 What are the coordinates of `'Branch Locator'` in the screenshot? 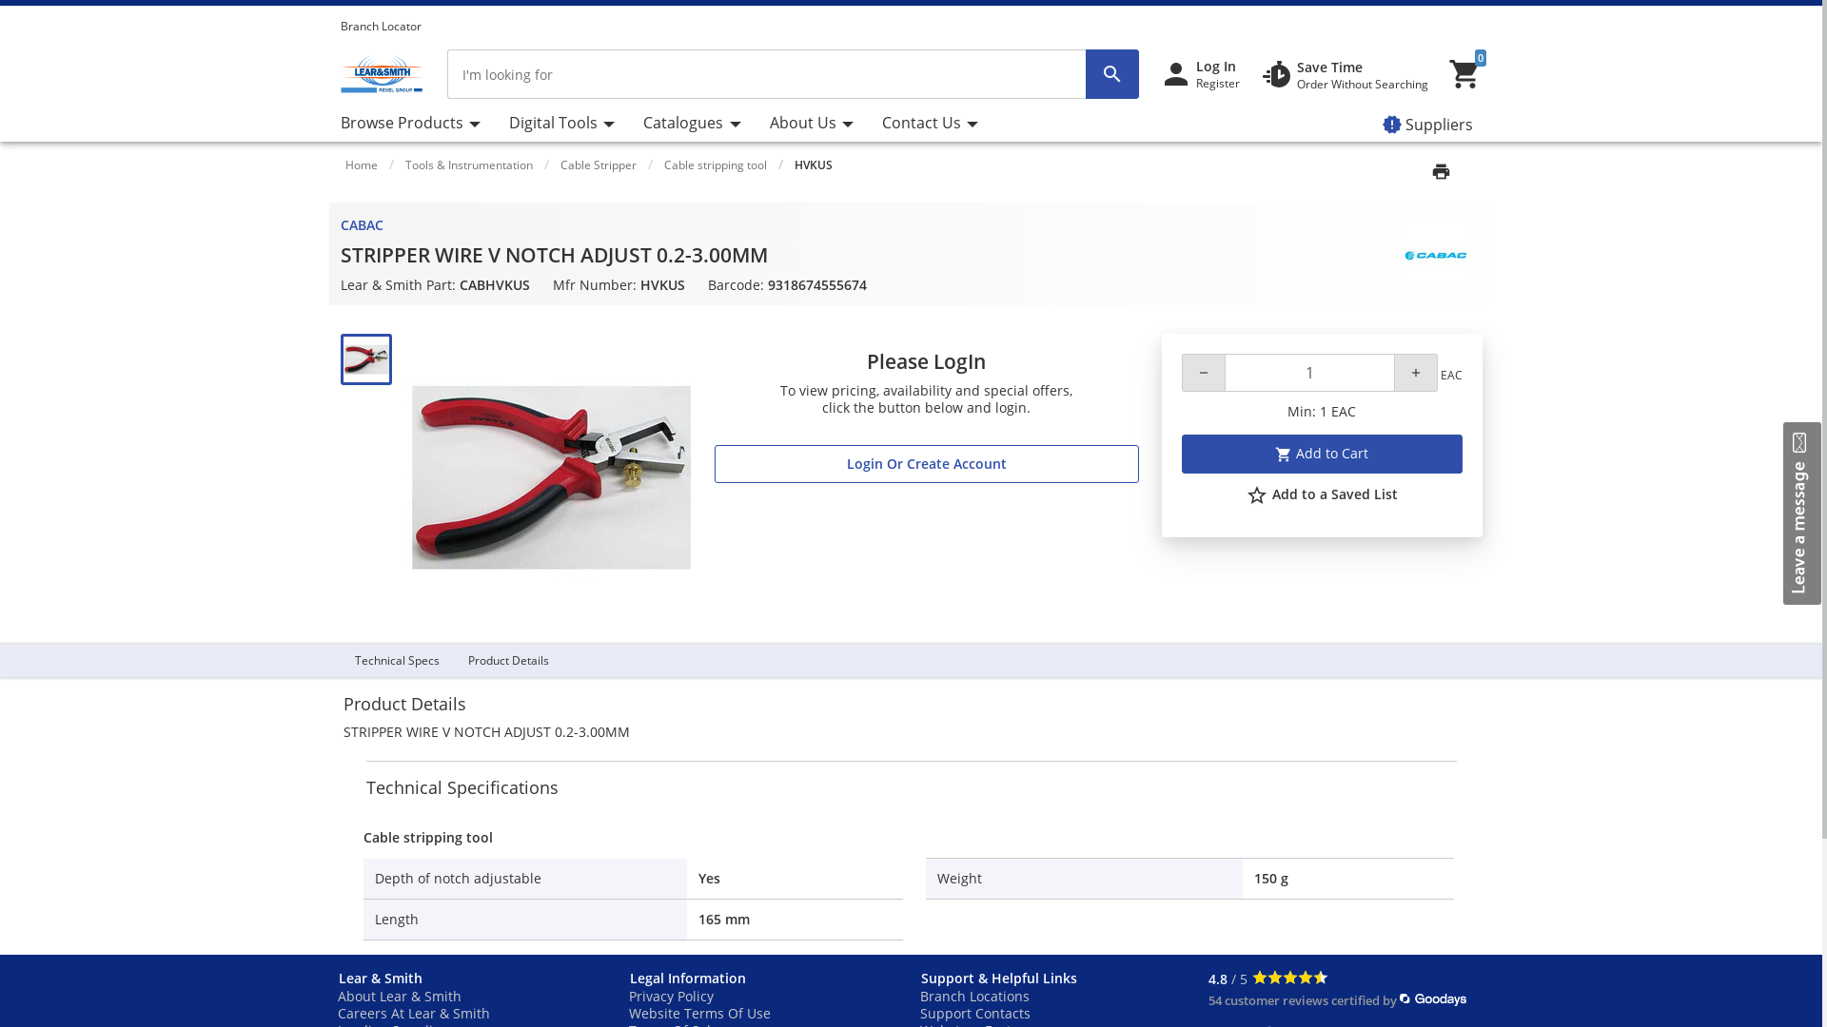 It's located at (390, 26).